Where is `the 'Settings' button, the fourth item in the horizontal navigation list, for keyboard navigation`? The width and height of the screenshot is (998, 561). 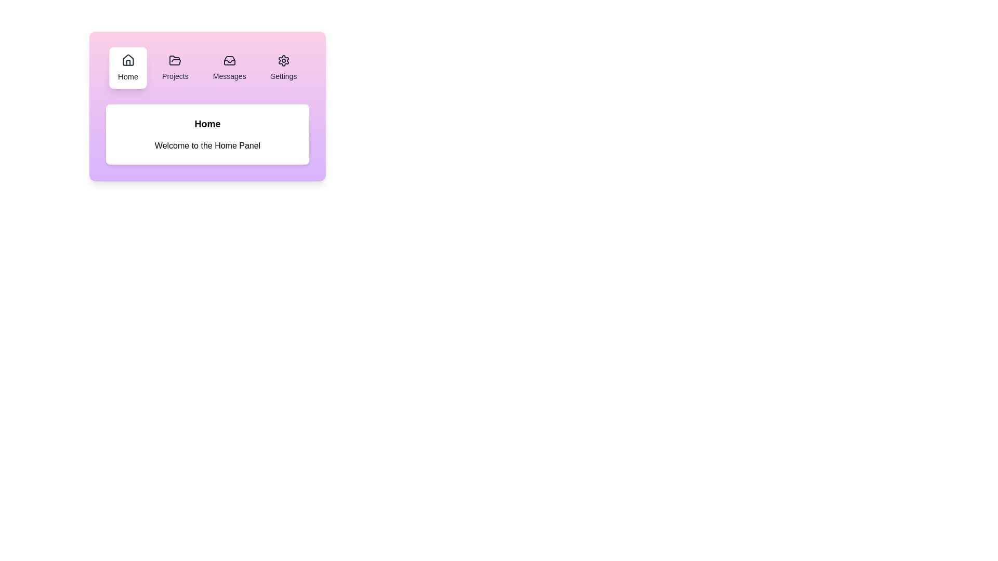 the 'Settings' button, the fourth item in the horizontal navigation list, for keyboard navigation is located at coordinates (284, 68).